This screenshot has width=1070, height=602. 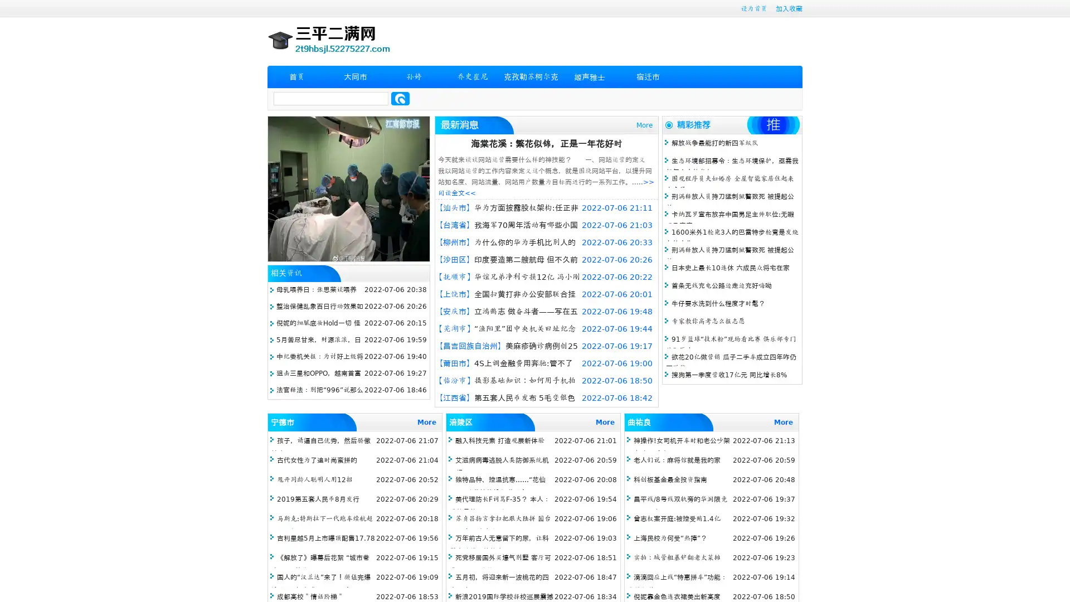 What do you see at coordinates (400, 98) in the screenshot?
I see `Search` at bounding box center [400, 98].